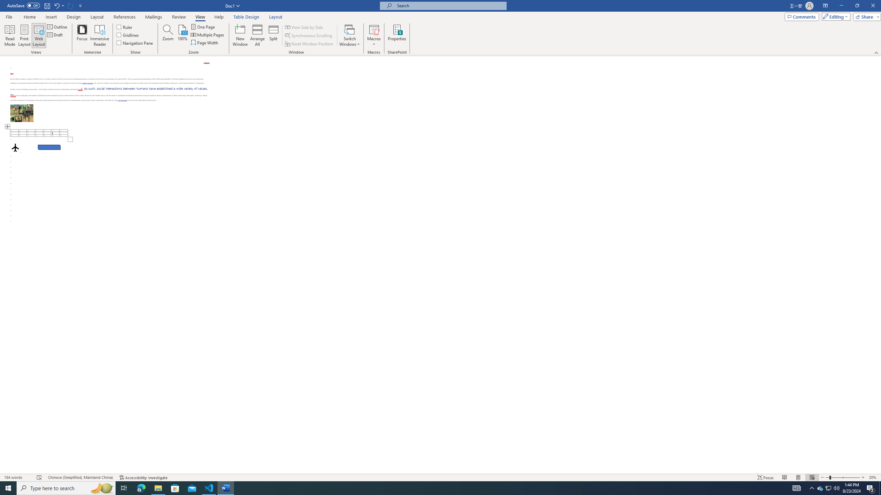 The width and height of the screenshot is (881, 495). What do you see at coordinates (200, 17) in the screenshot?
I see `'View'` at bounding box center [200, 17].